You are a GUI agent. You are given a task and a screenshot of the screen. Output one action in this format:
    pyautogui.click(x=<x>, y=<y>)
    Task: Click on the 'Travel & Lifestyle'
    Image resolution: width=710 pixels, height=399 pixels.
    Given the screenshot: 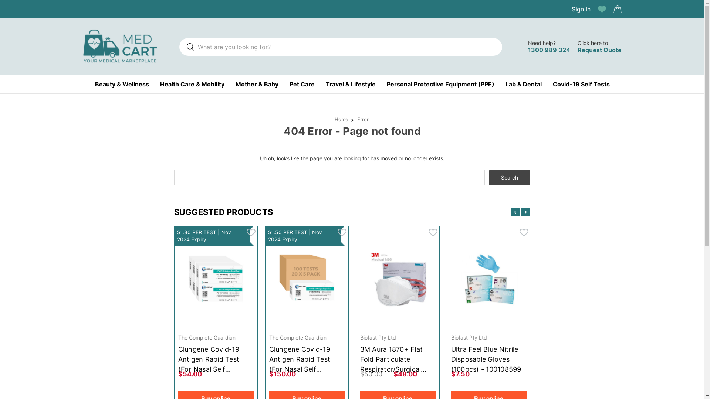 What is the action you would take?
    pyautogui.click(x=350, y=83)
    